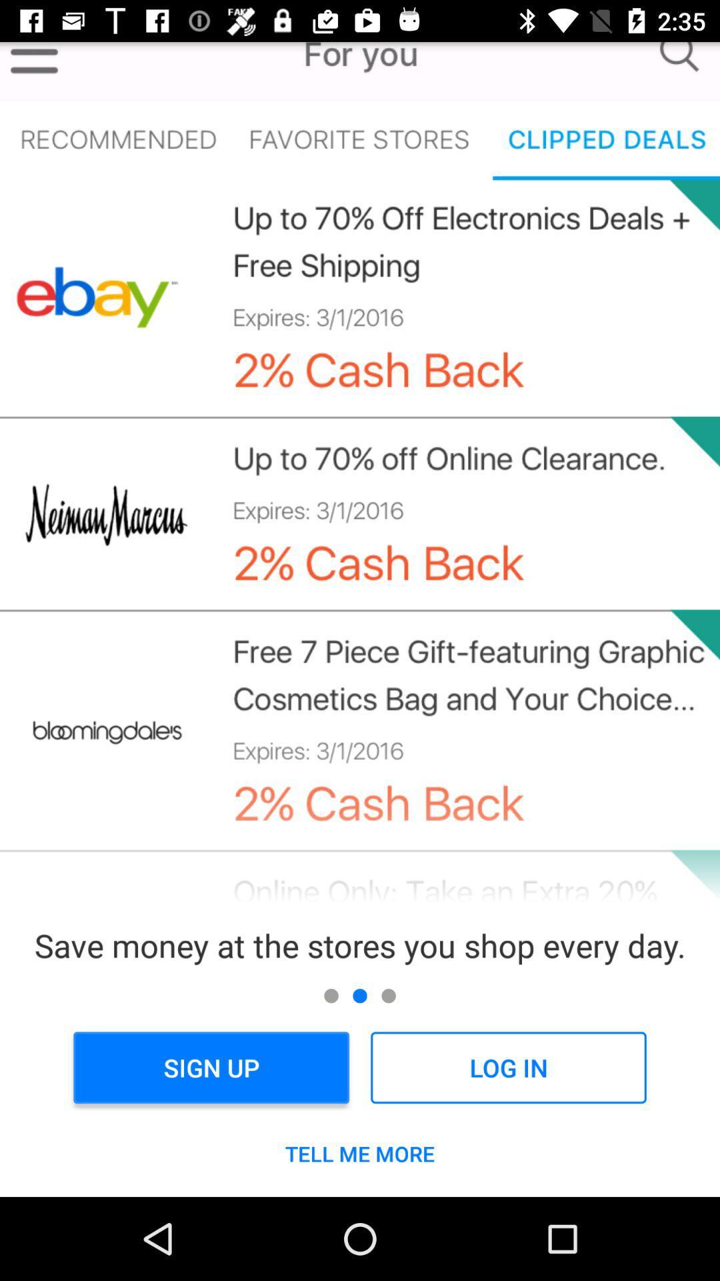 The width and height of the screenshot is (720, 1281). I want to click on icon above the tell me more, so click(211, 1067).